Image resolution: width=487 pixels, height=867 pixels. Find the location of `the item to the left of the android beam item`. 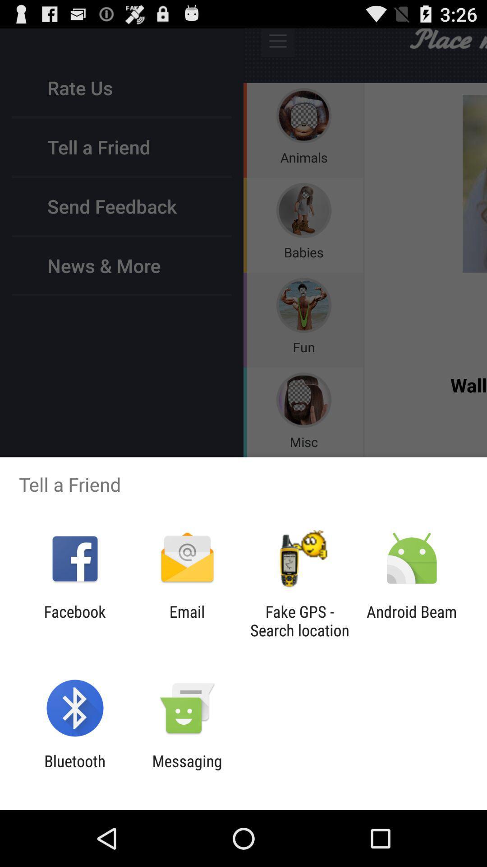

the item to the left of the android beam item is located at coordinates (299, 620).